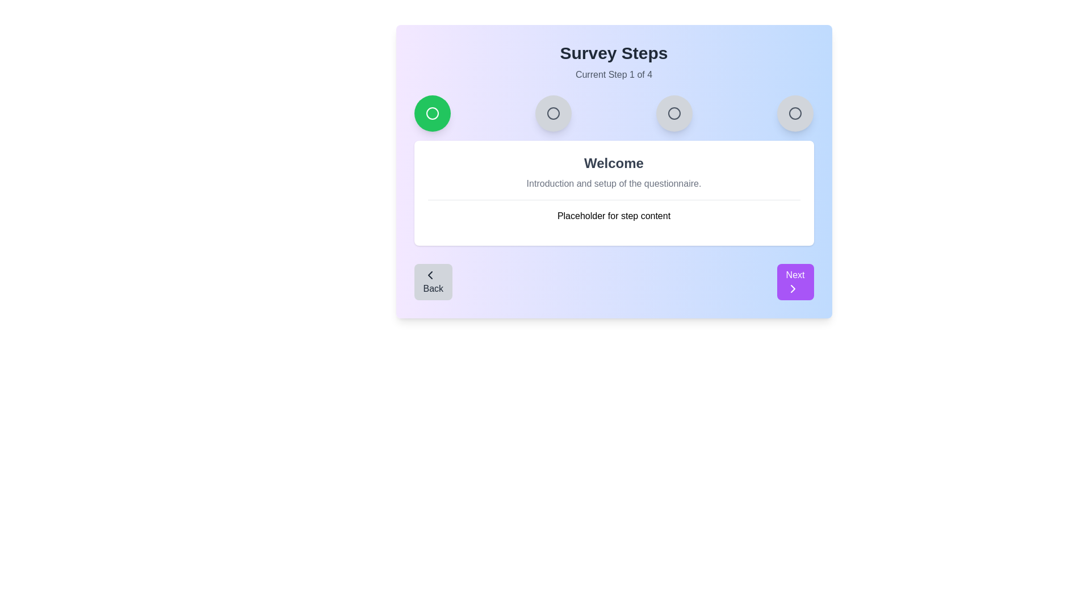 The width and height of the screenshot is (1090, 613). I want to click on the Text label that introduces or welcomes users to the current section of the interface, located above the introductory message 'Introduction and setup of the questionnaire.', so click(613, 163).